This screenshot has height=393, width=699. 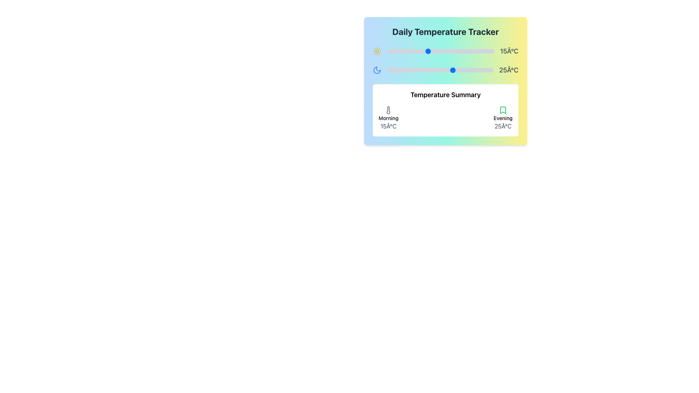 What do you see at coordinates (388, 110) in the screenshot?
I see `the thermometer icon located within the 'Temperature Summary' section, positioned to the left under 'Morning'` at bounding box center [388, 110].